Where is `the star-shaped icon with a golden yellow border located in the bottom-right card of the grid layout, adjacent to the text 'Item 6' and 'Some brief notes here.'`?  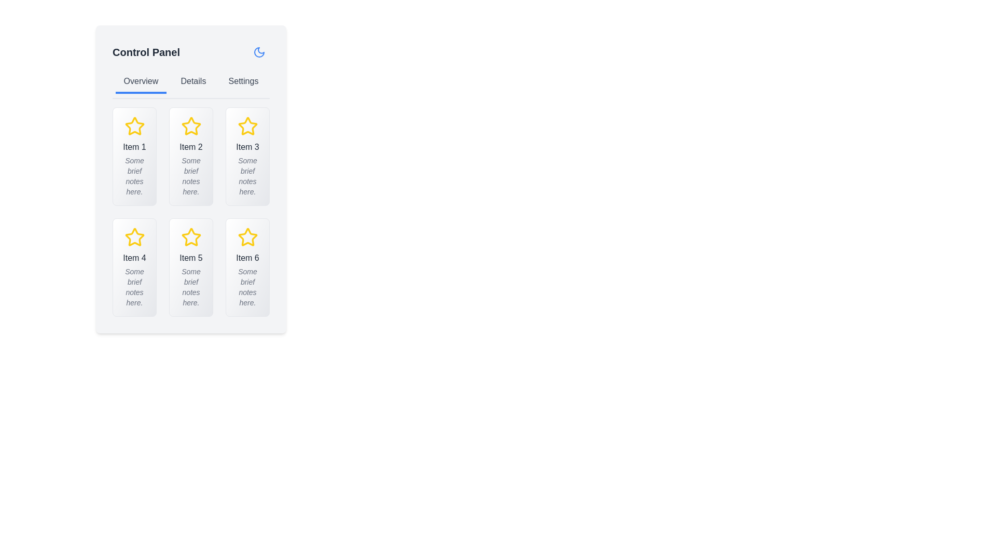 the star-shaped icon with a golden yellow border located in the bottom-right card of the grid layout, adjacent to the text 'Item 6' and 'Some brief notes here.' is located at coordinates (247, 237).